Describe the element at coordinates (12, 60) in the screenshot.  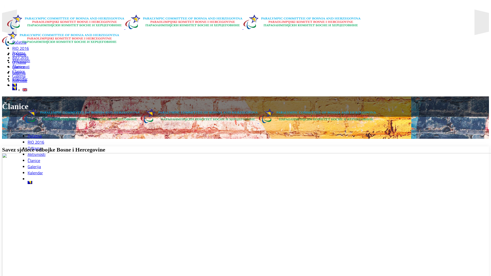
I see `'Aktivnosti'` at that location.